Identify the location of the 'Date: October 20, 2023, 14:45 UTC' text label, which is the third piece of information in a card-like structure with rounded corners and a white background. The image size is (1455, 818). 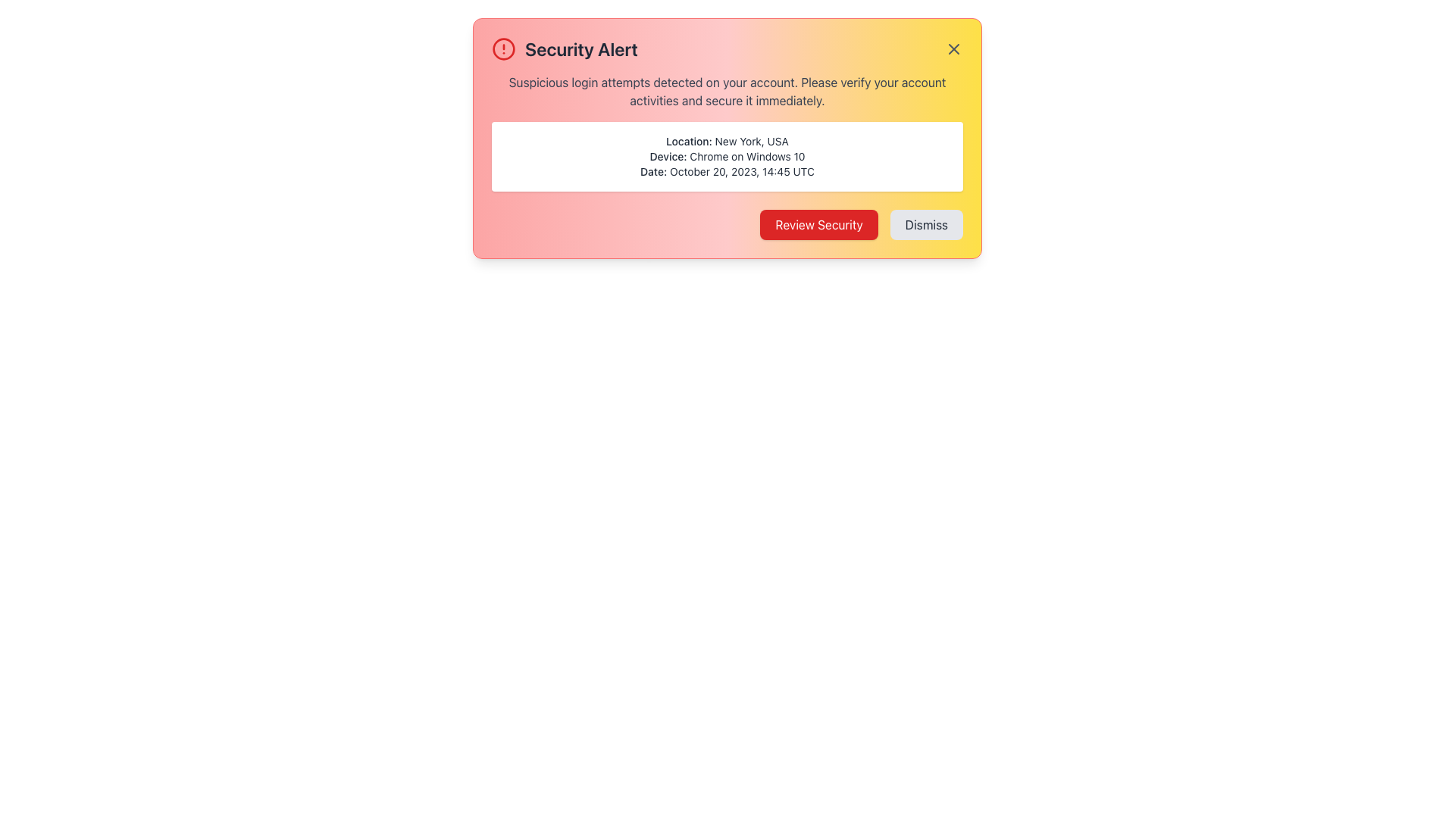
(727, 171).